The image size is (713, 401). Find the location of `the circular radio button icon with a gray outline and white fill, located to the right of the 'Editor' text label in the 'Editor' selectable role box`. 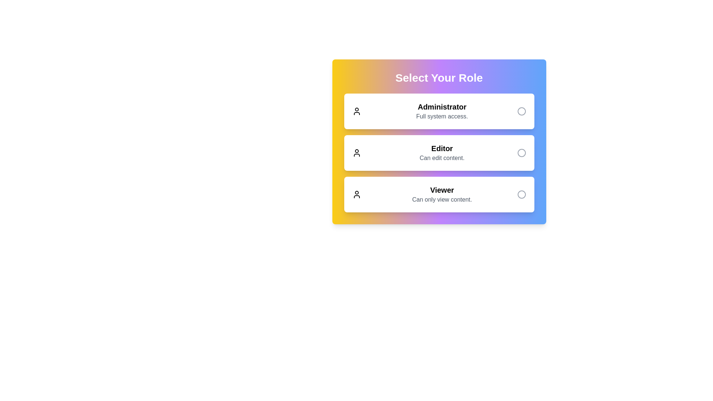

the circular radio button icon with a gray outline and white fill, located to the right of the 'Editor' text label in the 'Editor' selectable role box is located at coordinates (521, 153).